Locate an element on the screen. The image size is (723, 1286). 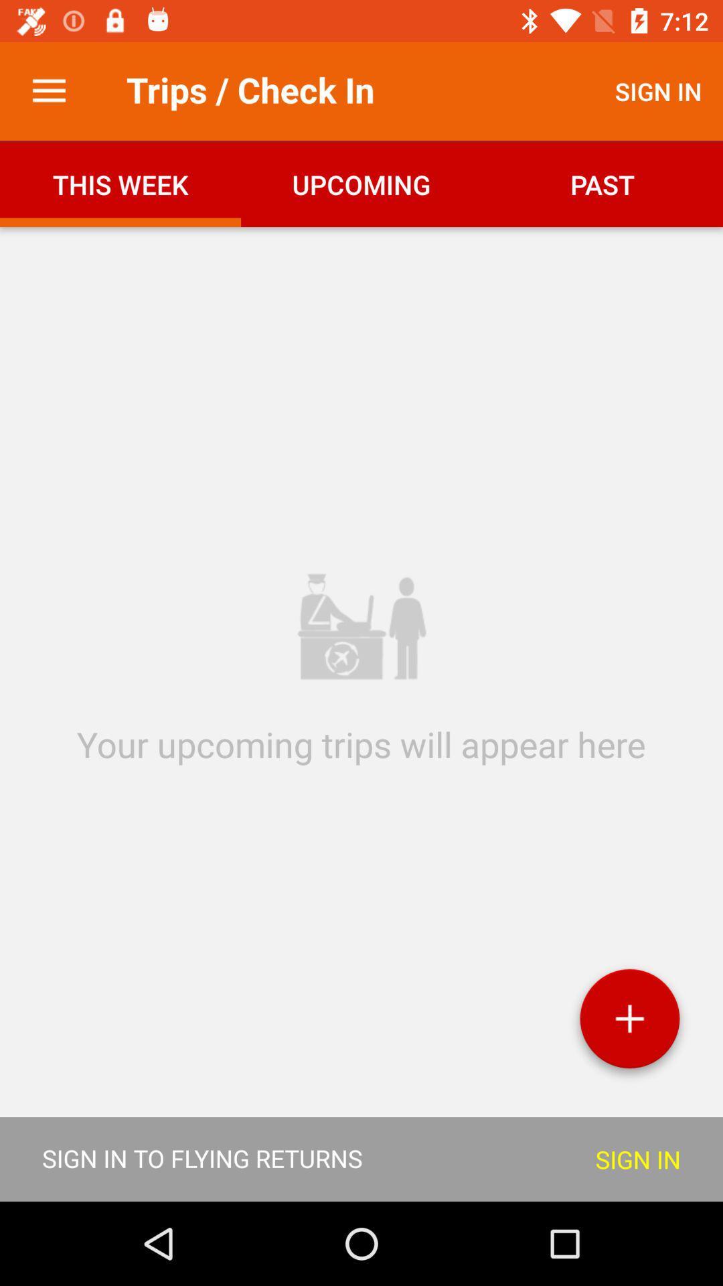
icon below the your upcoming trips icon is located at coordinates (629, 1023).